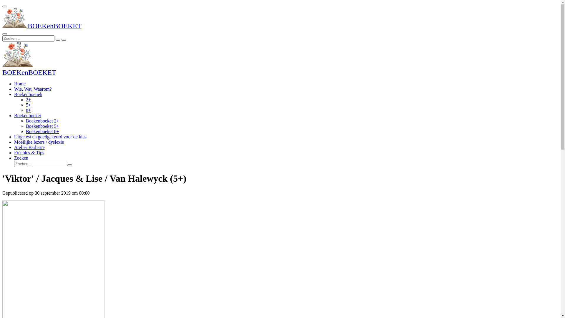 The width and height of the screenshot is (565, 318). I want to click on 'BOEKenBOEKET', so click(41, 26).